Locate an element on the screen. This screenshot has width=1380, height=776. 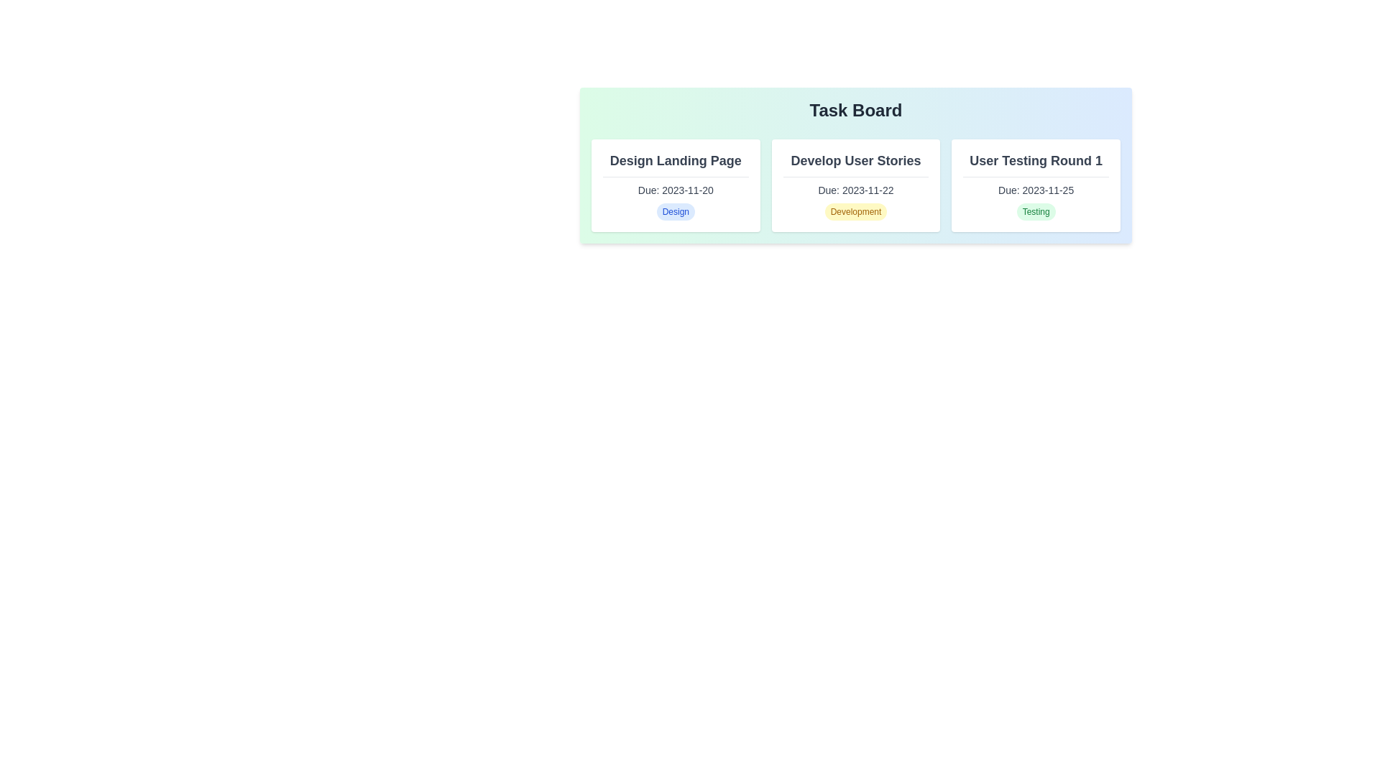
the task card for Design Landing Page to inspect its details is located at coordinates (675, 185).